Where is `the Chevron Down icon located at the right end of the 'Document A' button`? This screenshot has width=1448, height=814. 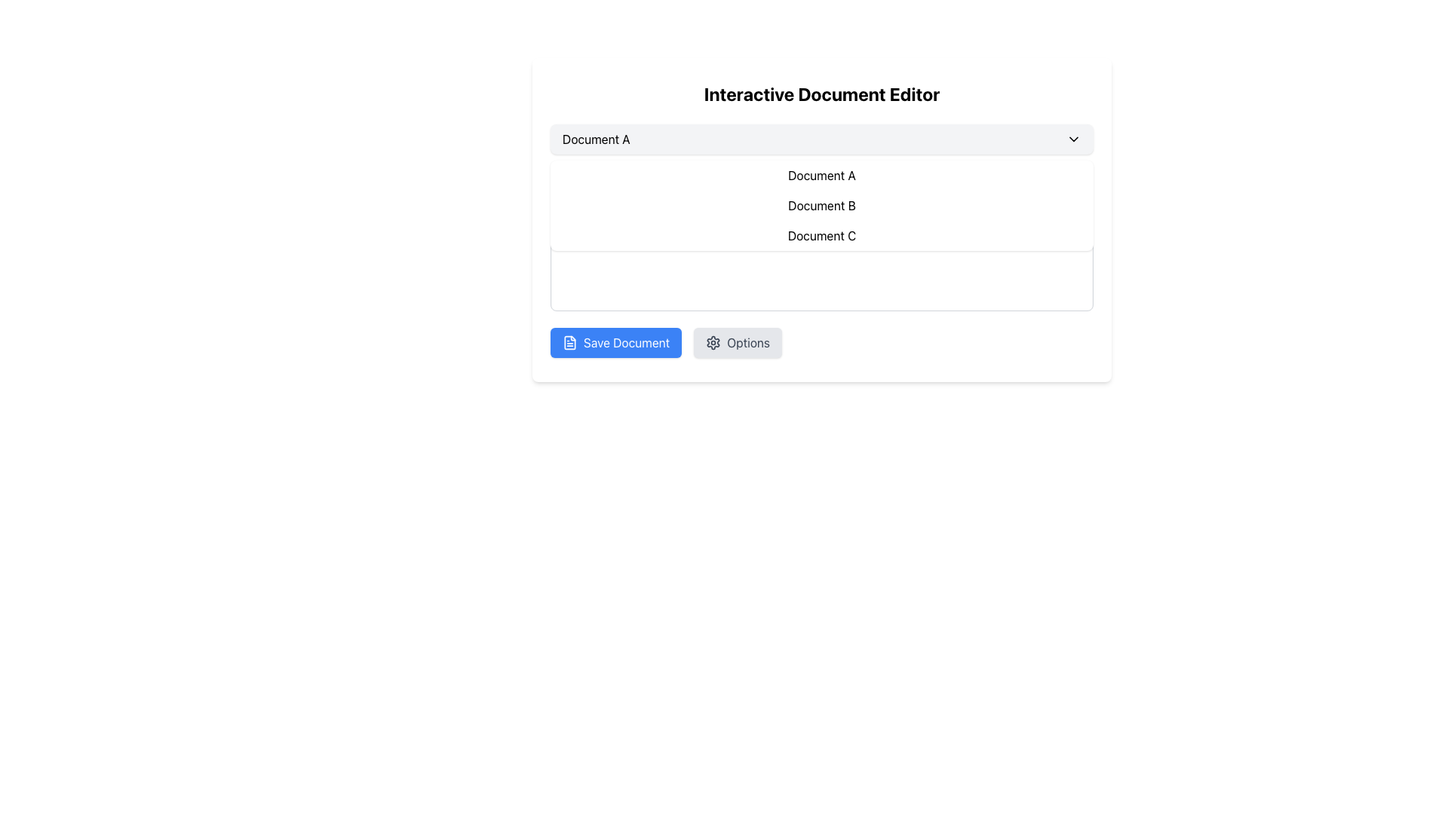
the Chevron Down icon located at the right end of the 'Document A' button is located at coordinates (1073, 139).